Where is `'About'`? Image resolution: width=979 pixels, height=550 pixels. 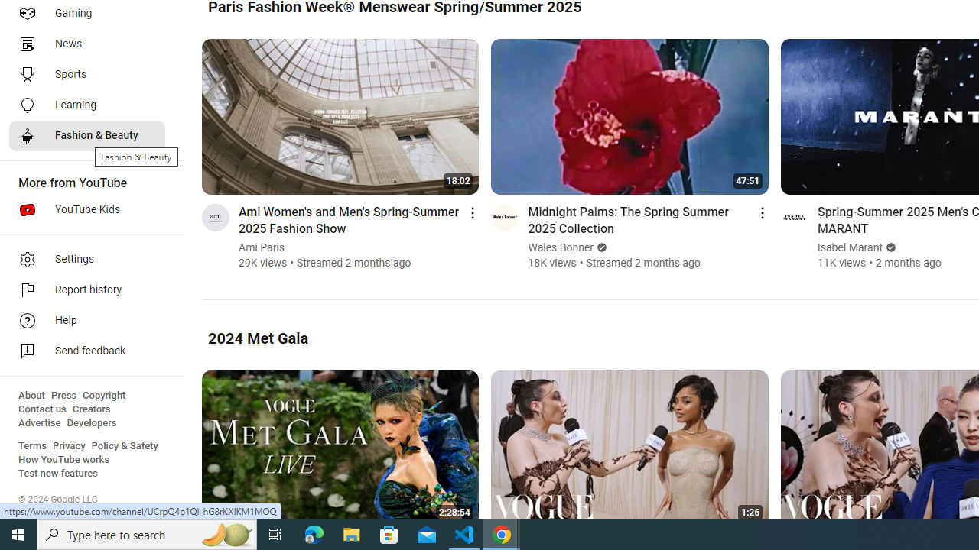 'About' is located at coordinates (31, 395).